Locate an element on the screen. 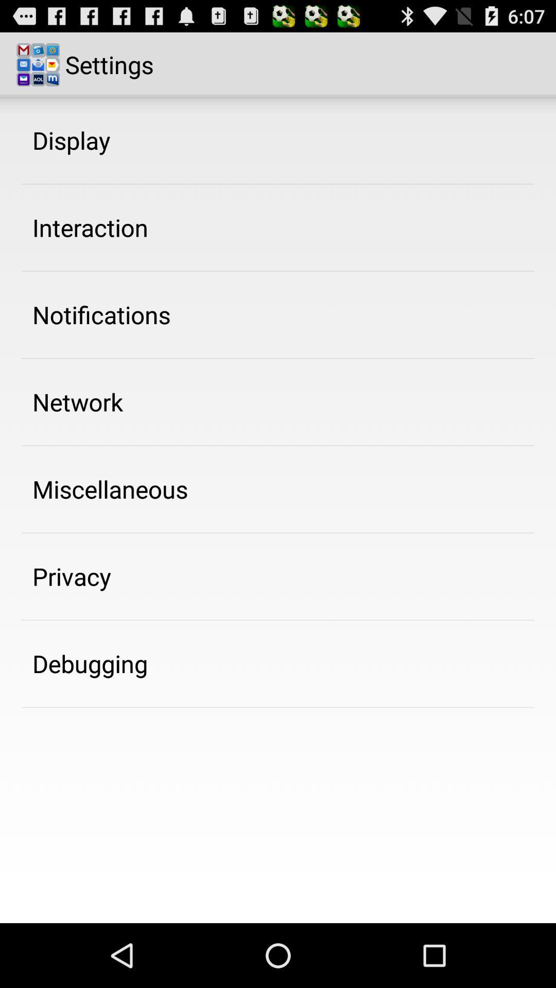  debugging at the bottom left corner is located at coordinates (90, 663).